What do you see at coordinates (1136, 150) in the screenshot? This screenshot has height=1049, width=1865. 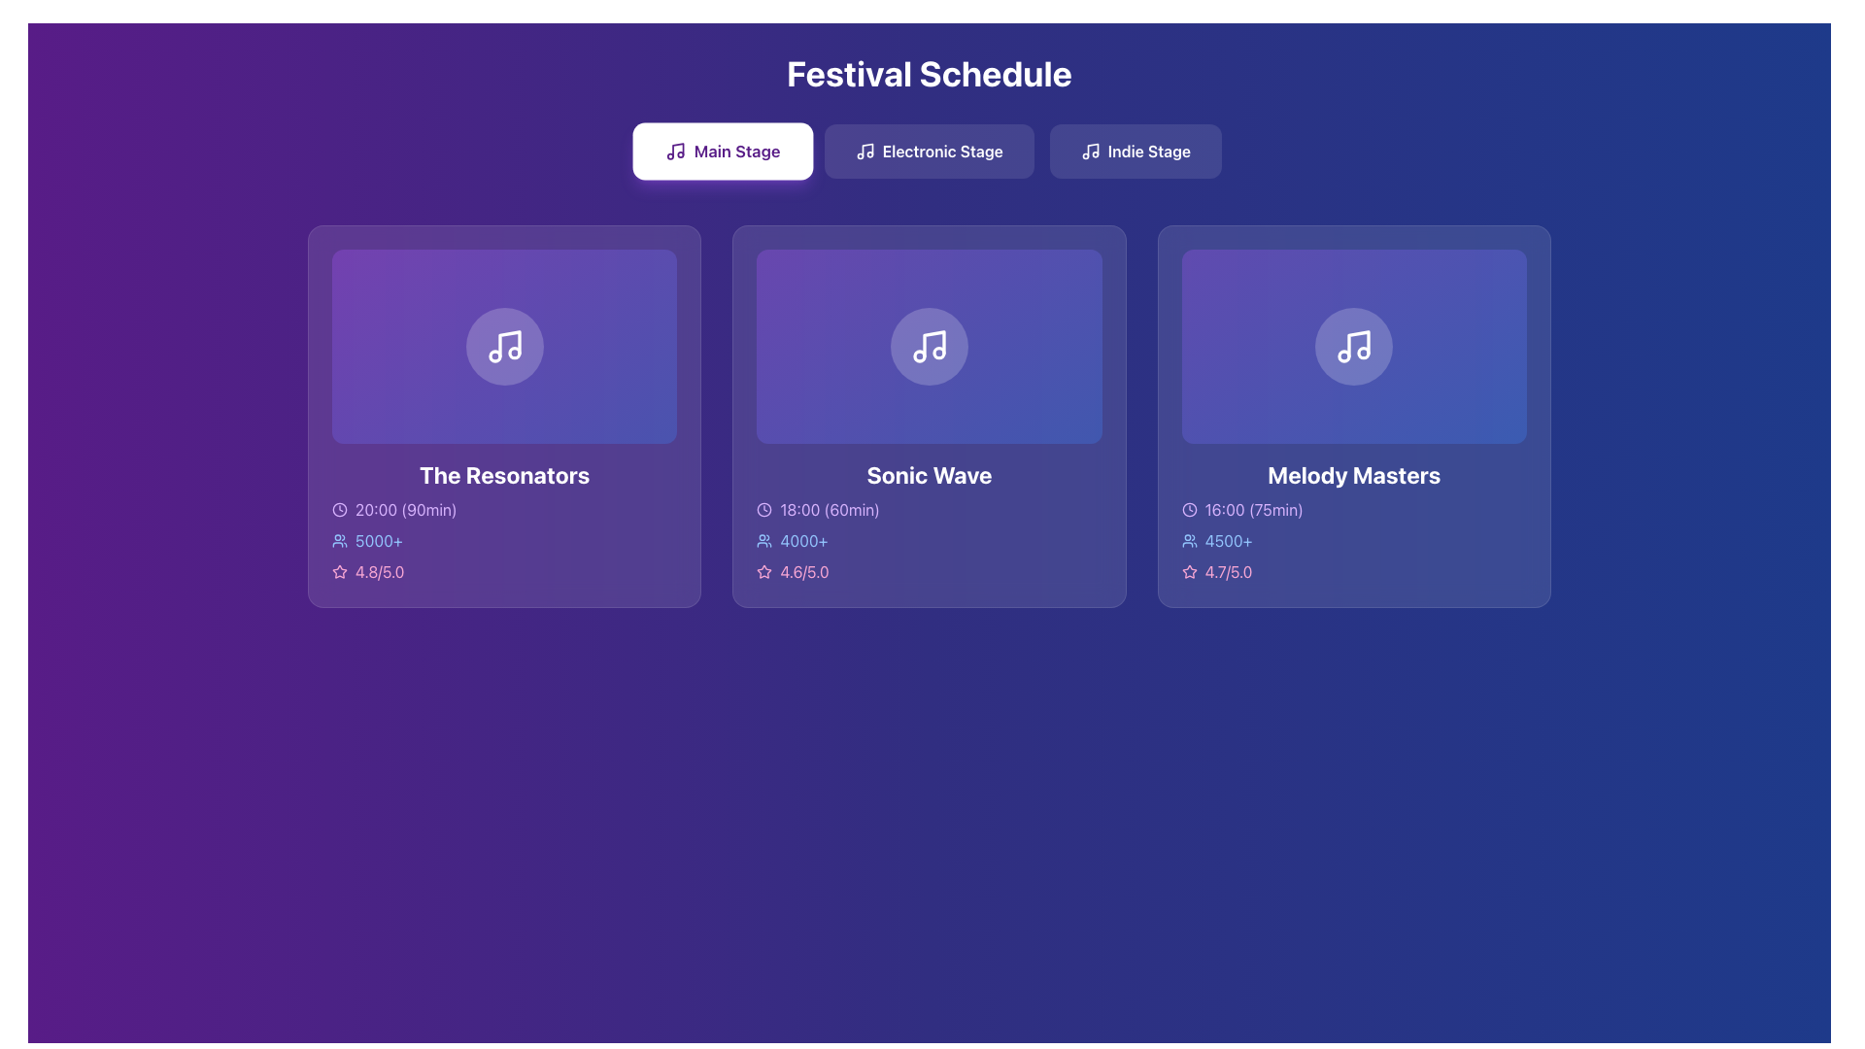 I see `the 'Indie Stage' button, which is a rounded rectangle with a music note icon and the label 'Indie Stage' in bold white text` at bounding box center [1136, 150].